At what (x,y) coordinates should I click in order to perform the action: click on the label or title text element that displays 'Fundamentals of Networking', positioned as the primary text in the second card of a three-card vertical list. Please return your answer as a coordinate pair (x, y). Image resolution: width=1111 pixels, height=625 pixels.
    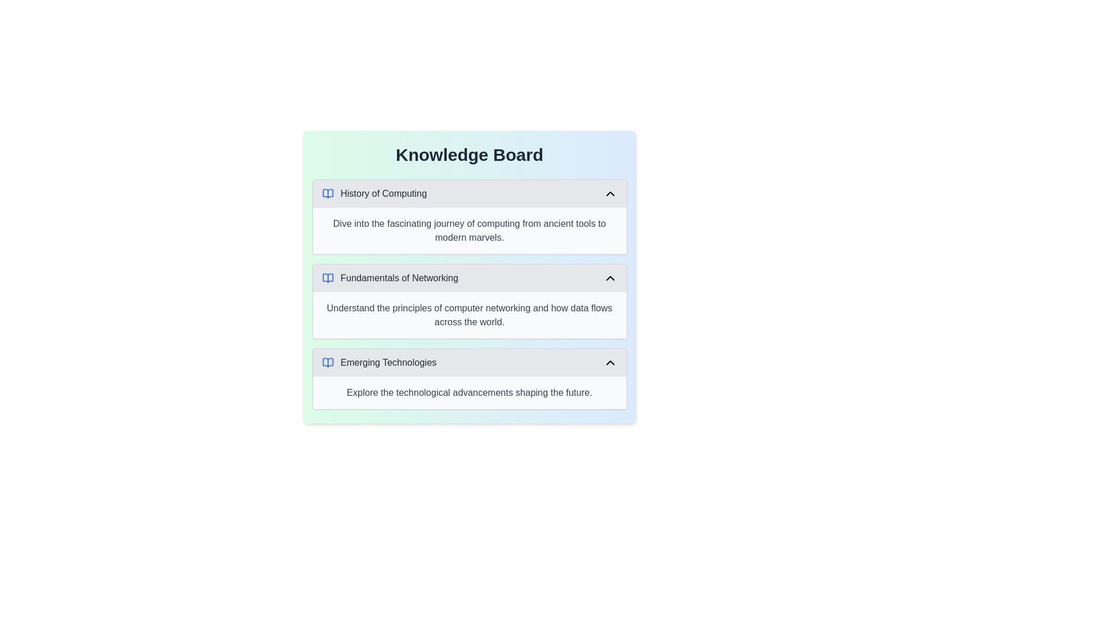
    Looking at the image, I should click on (390, 278).